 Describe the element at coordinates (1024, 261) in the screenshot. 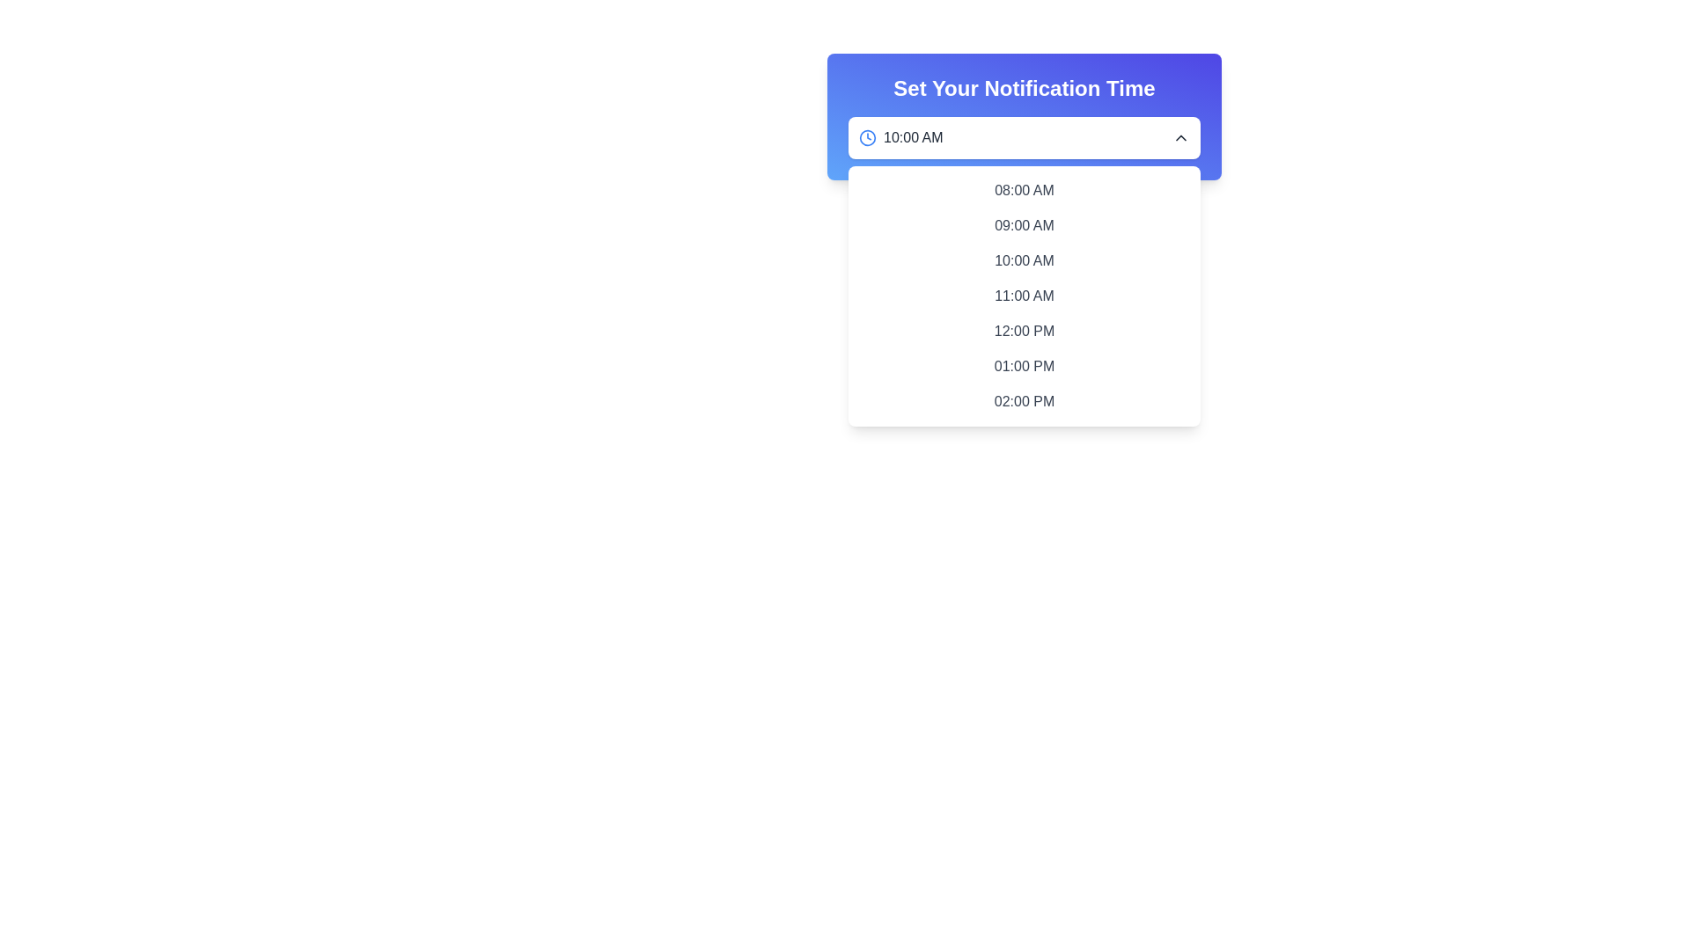

I see `the dropdown menu item for '10:00 AM'` at that location.